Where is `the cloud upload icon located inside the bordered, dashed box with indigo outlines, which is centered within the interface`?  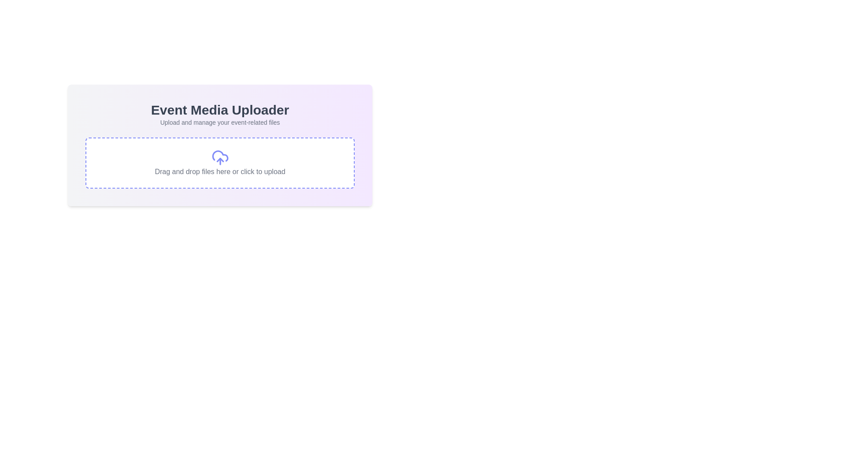 the cloud upload icon located inside the bordered, dashed box with indigo outlines, which is centered within the interface is located at coordinates (220, 157).